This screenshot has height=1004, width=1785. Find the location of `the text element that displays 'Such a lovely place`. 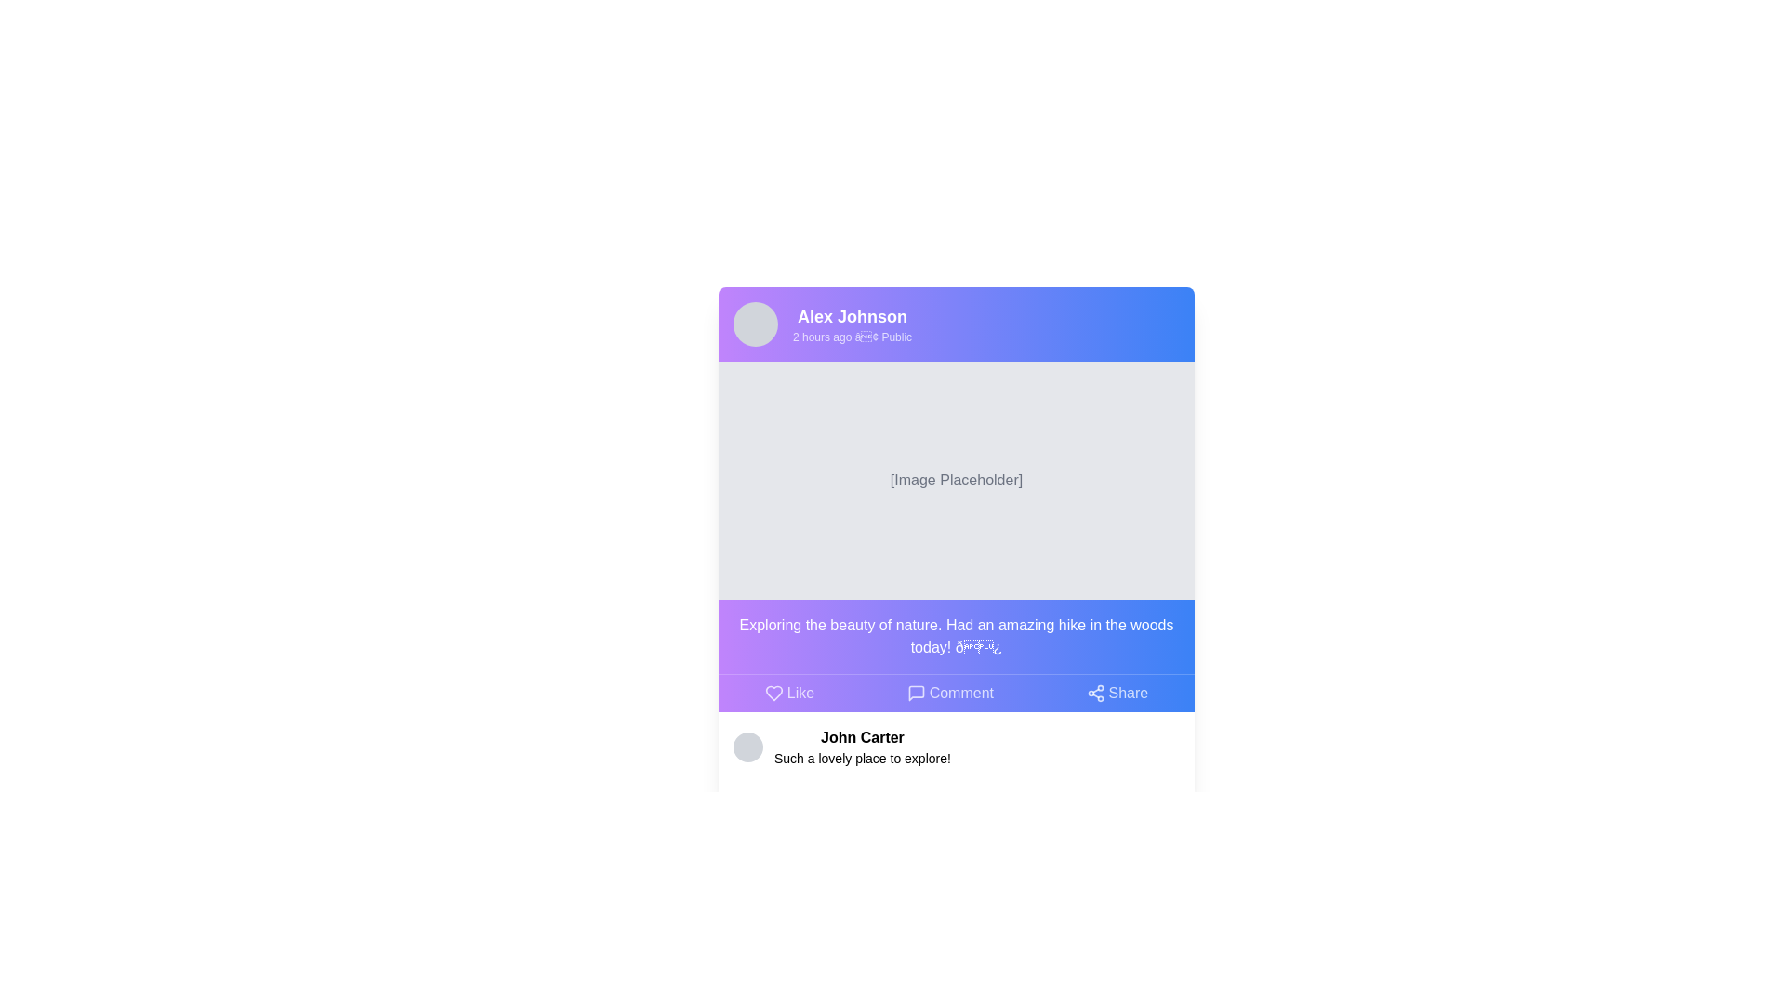

the text element that displays 'Such a lovely place is located at coordinates (861, 759).